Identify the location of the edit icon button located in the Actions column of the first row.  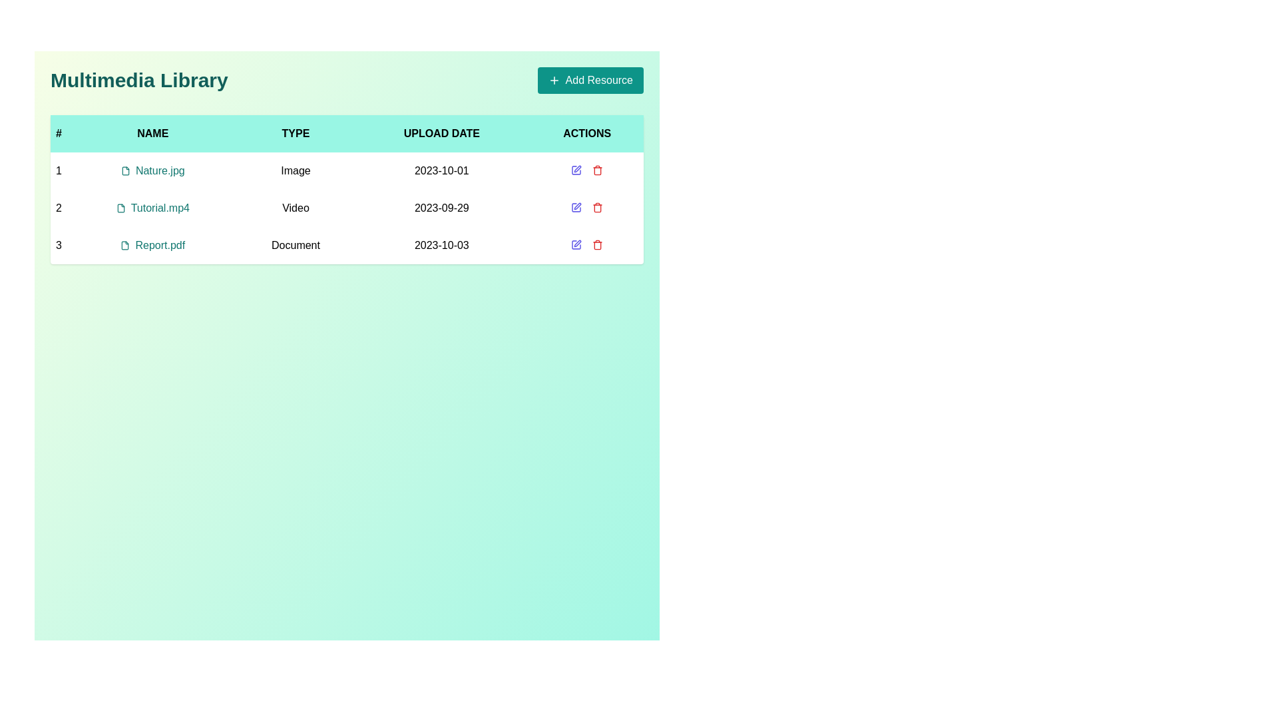
(576, 169).